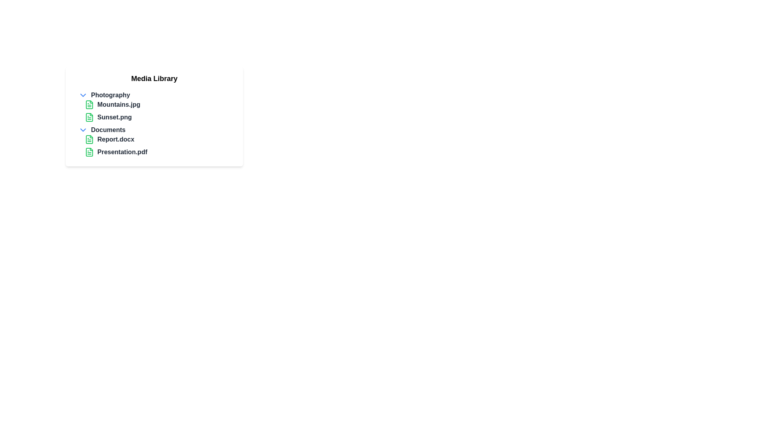 This screenshot has height=427, width=760. I want to click on an individual file from the categorized list element located centrally below the 'Media Library' heading by clicking on it, so click(154, 123).